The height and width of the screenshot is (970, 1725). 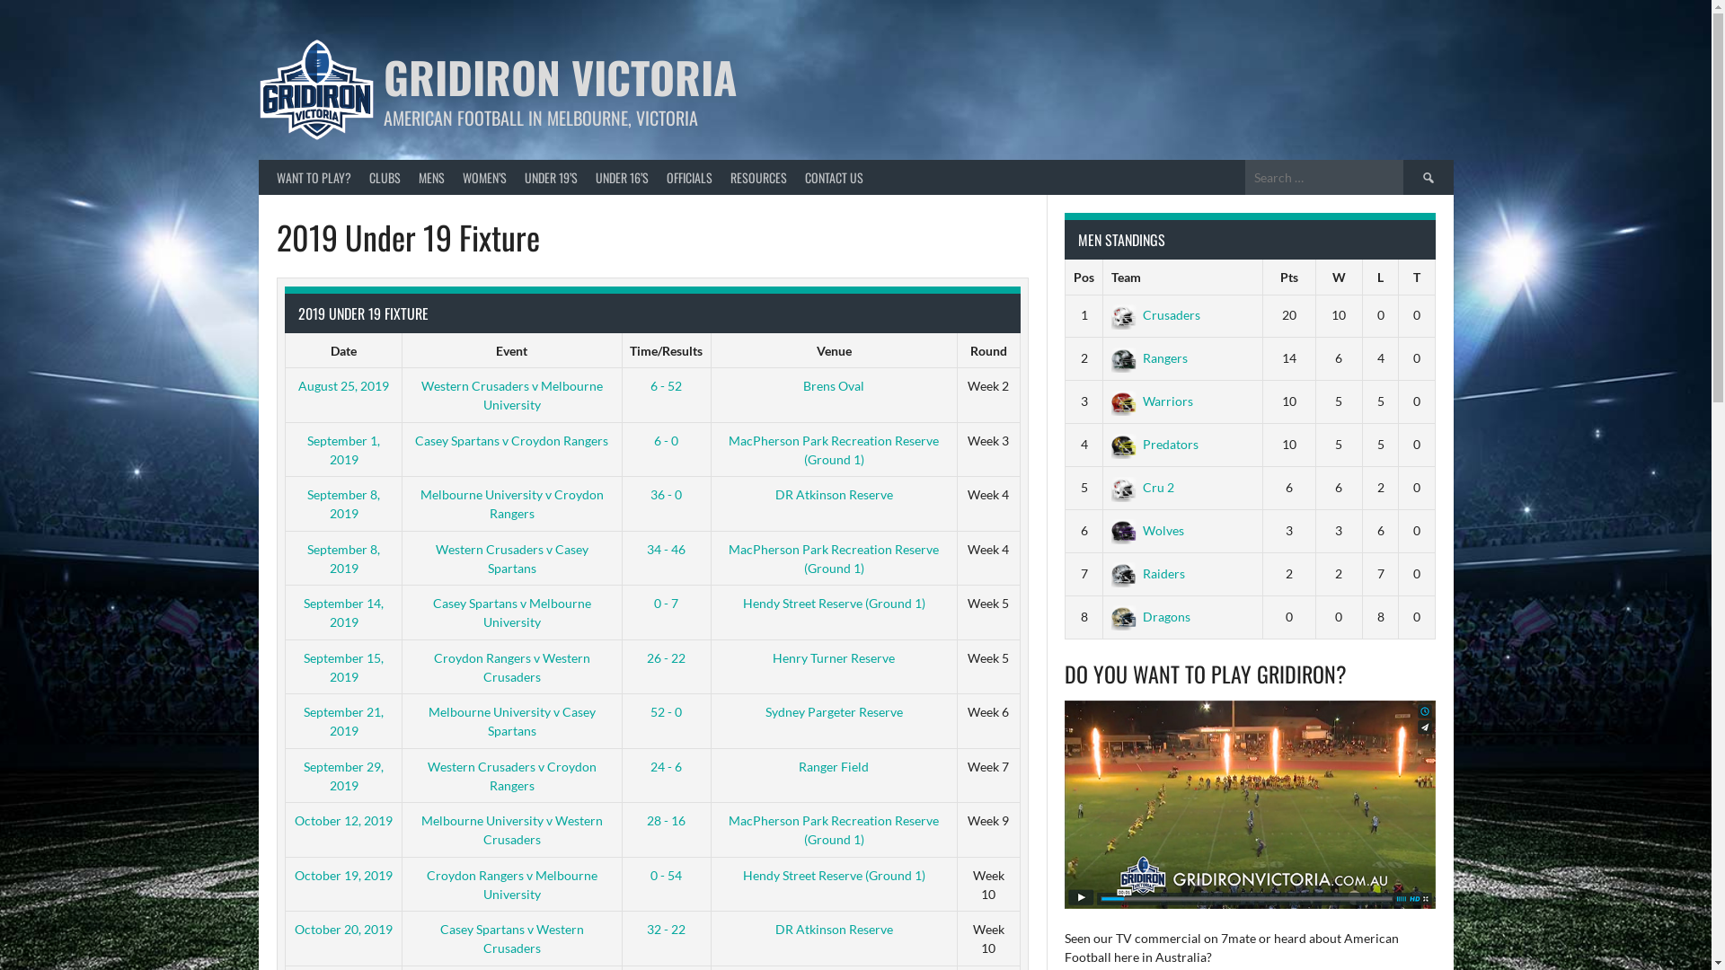 What do you see at coordinates (511, 557) in the screenshot?
I see `'Western Crusaders v Casey Spartans'` at bounding box center [511, 557].